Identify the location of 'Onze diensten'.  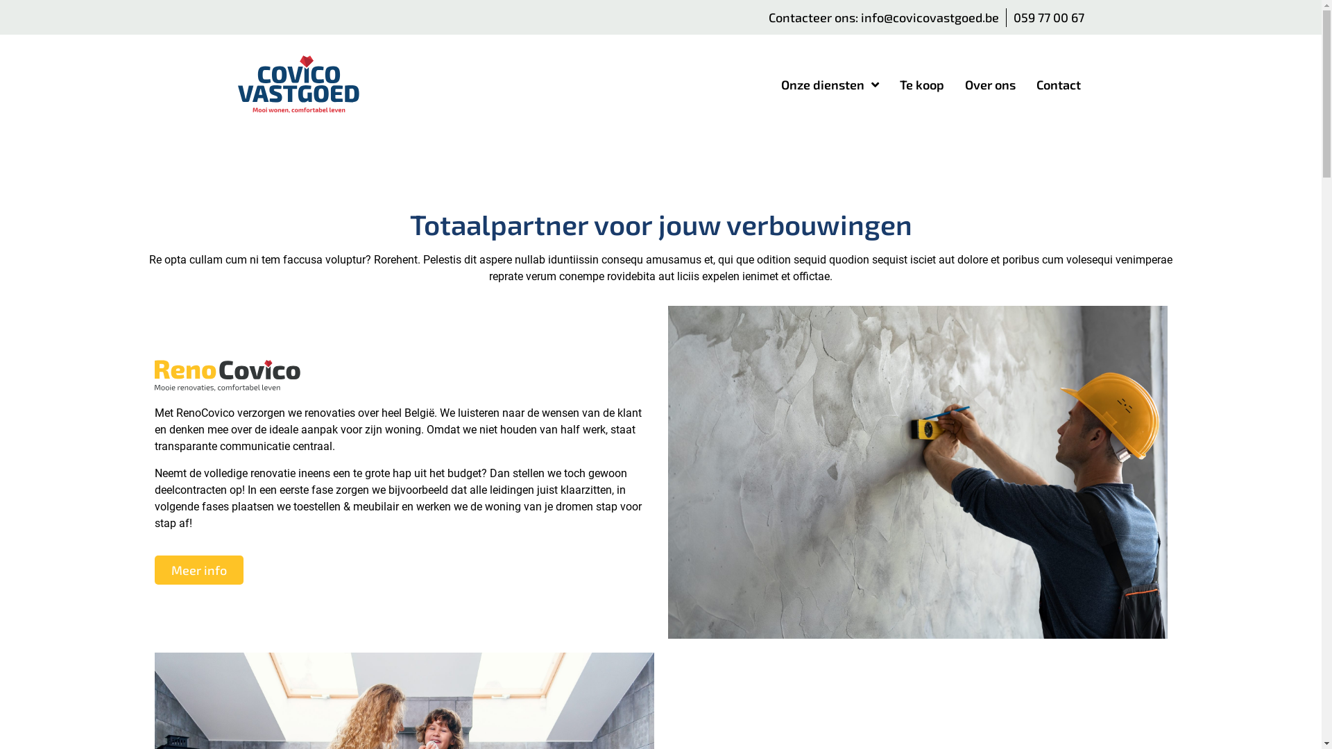
(830, 85).